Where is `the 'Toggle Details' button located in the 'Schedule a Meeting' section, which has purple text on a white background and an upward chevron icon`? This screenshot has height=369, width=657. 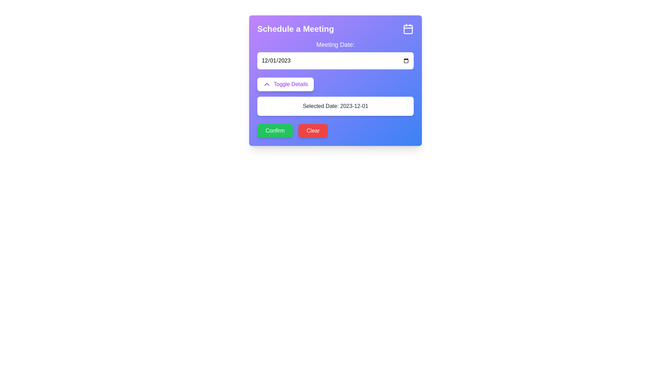 the 'Toggle Details' button located in the 'Schedule a Meeting' section, which has purple text on a white background and an upward chevron icon is located at coordinates (285, 84).